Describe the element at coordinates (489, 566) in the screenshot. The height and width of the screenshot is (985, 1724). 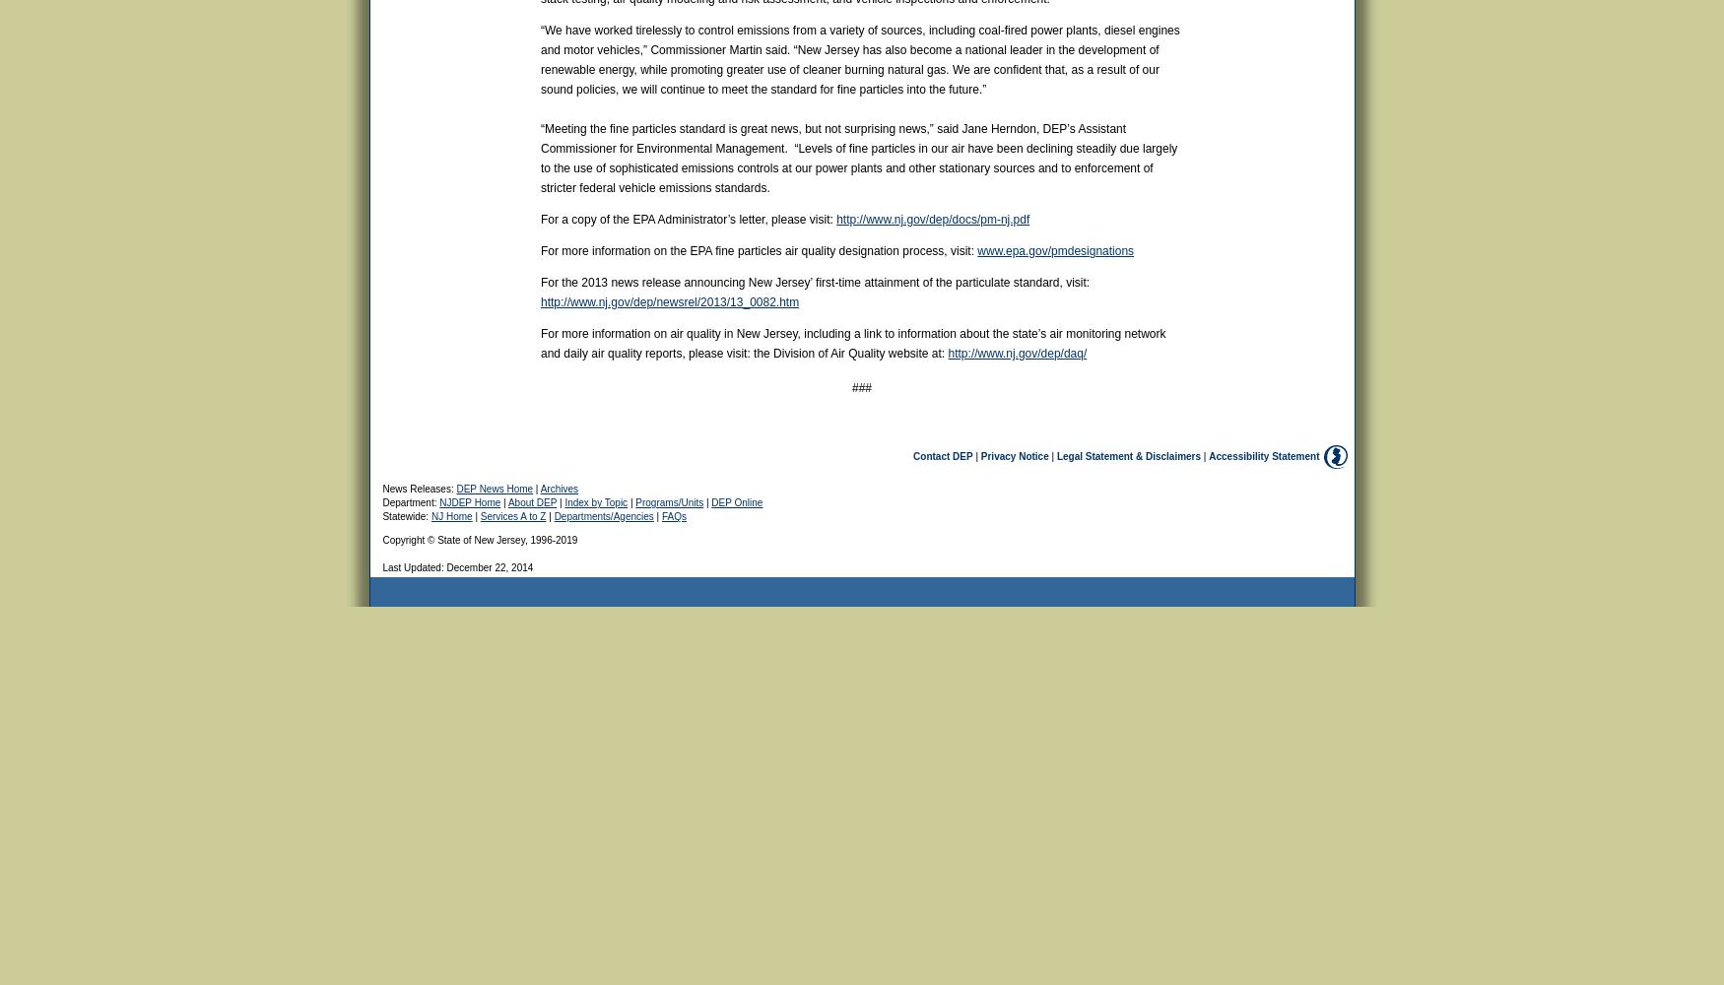
I see `'December 22, 2014'` at that location.